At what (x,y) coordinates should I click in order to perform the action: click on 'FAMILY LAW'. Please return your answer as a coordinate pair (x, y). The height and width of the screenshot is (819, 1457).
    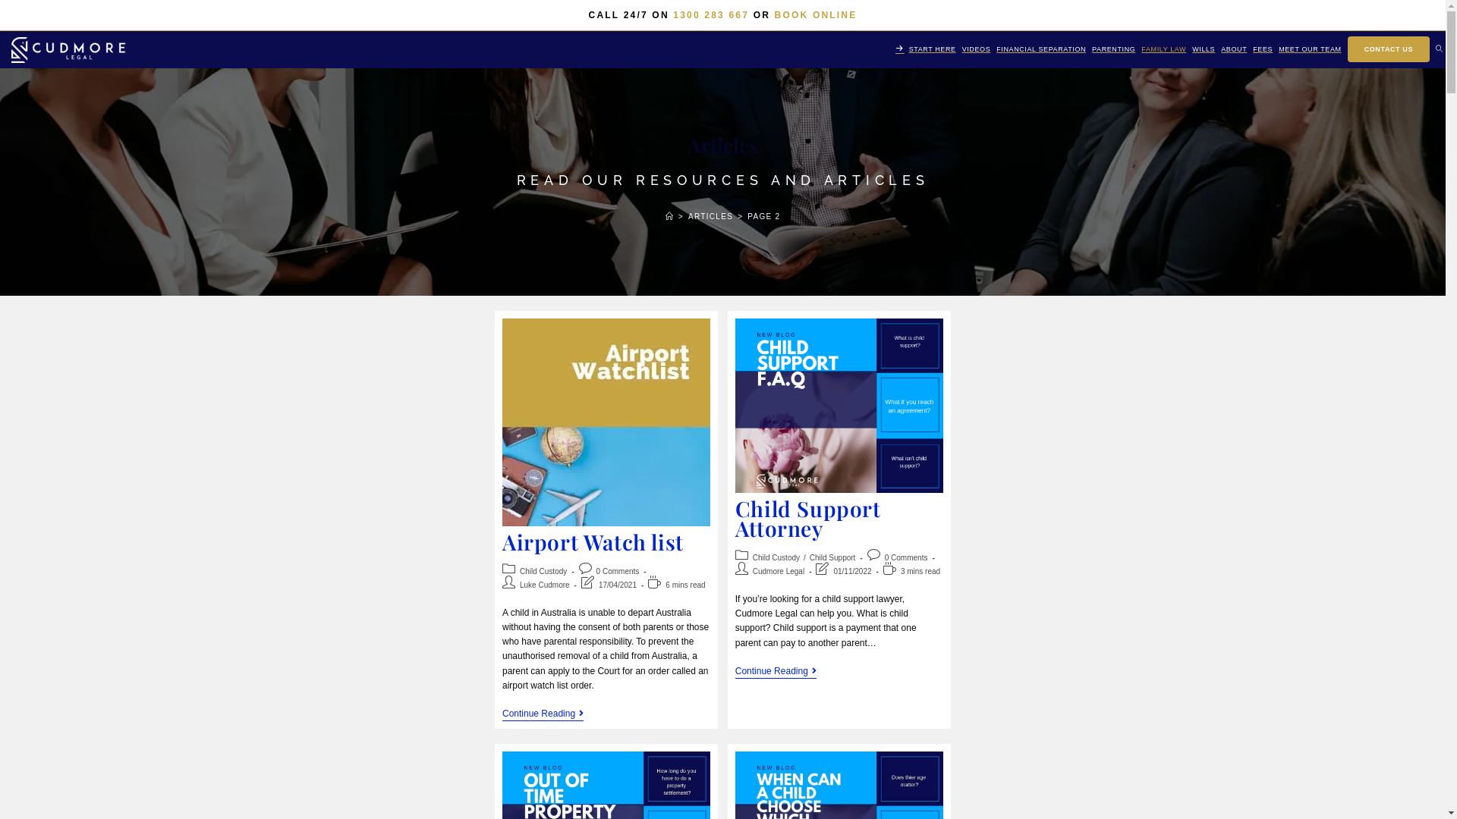
    Looking at the image, I should click on (1163, 49).